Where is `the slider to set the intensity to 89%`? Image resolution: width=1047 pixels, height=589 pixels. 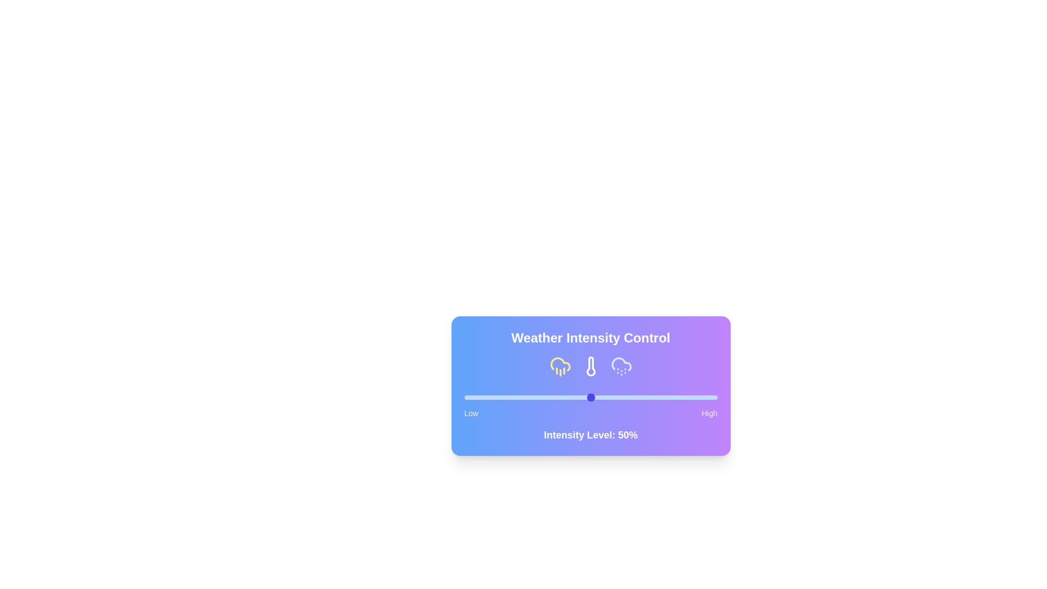
the slider to set the intensity to 89% is located at coordinates (689, 398).